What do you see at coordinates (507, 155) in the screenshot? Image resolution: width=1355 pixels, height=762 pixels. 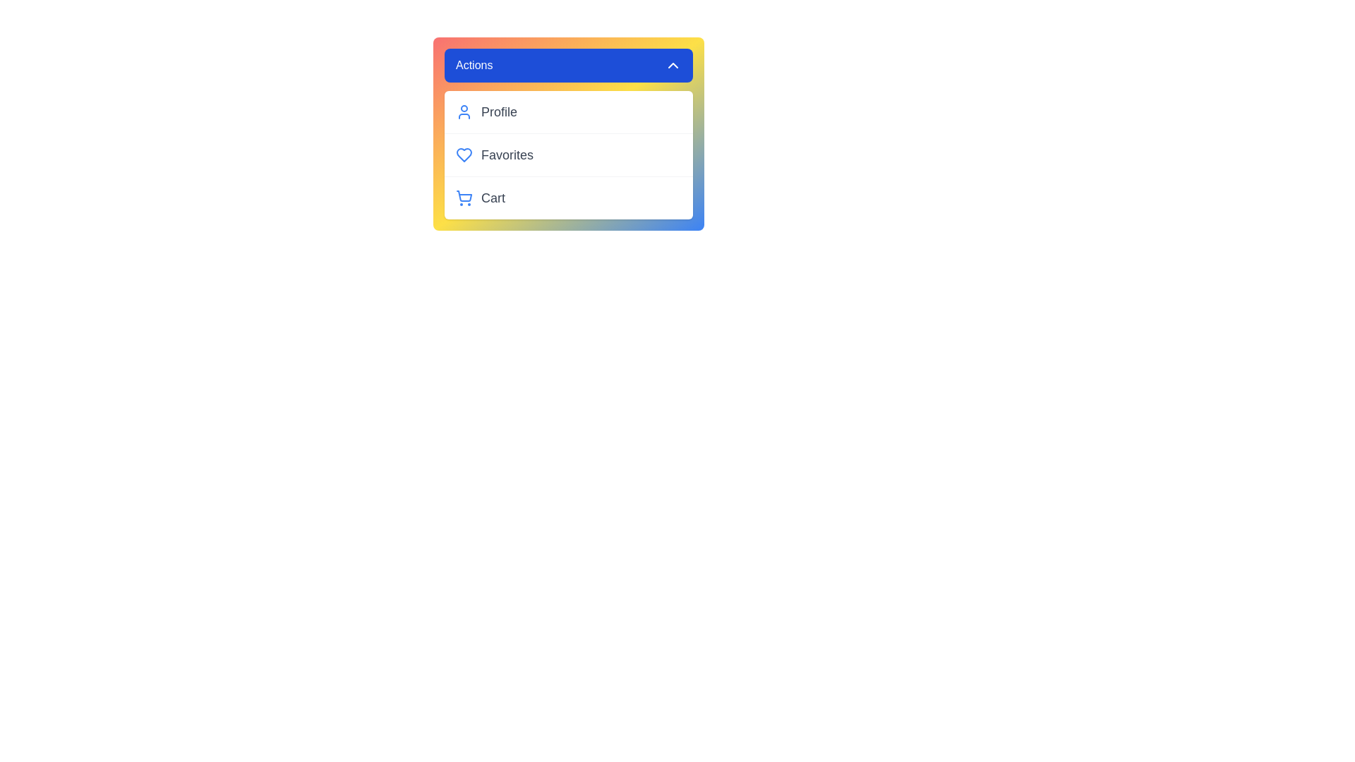 I see `the 'Favorites' text label which is in a medium-sized, gray-colored font, located in the second row of the vertical menu labeled 'Actions', between 'Profile' and 'Cart'` at bounding box center [507, 155].